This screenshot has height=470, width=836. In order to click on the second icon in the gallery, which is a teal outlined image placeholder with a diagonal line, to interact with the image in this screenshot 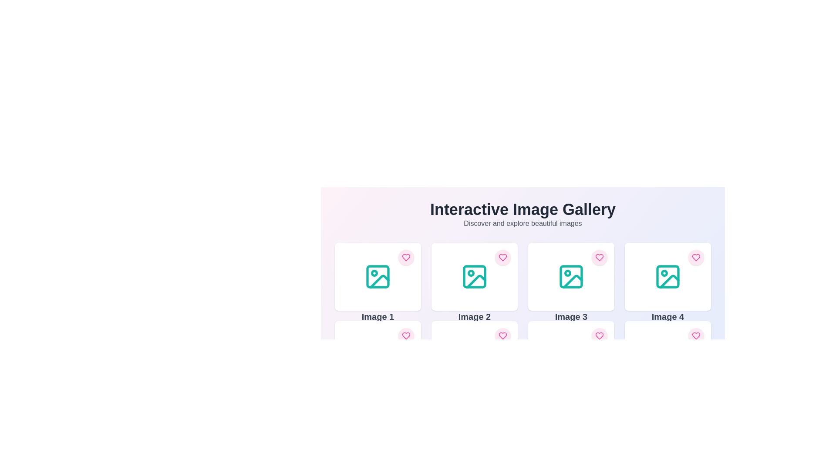, I will do `click(474, 277)`.